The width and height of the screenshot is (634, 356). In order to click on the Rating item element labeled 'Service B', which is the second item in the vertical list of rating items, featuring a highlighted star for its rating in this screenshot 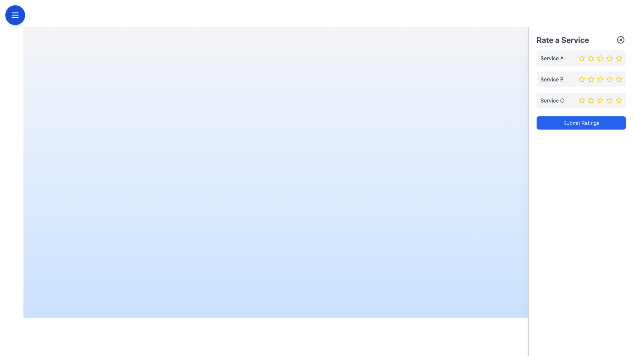, I will do `click(581, 79)`.